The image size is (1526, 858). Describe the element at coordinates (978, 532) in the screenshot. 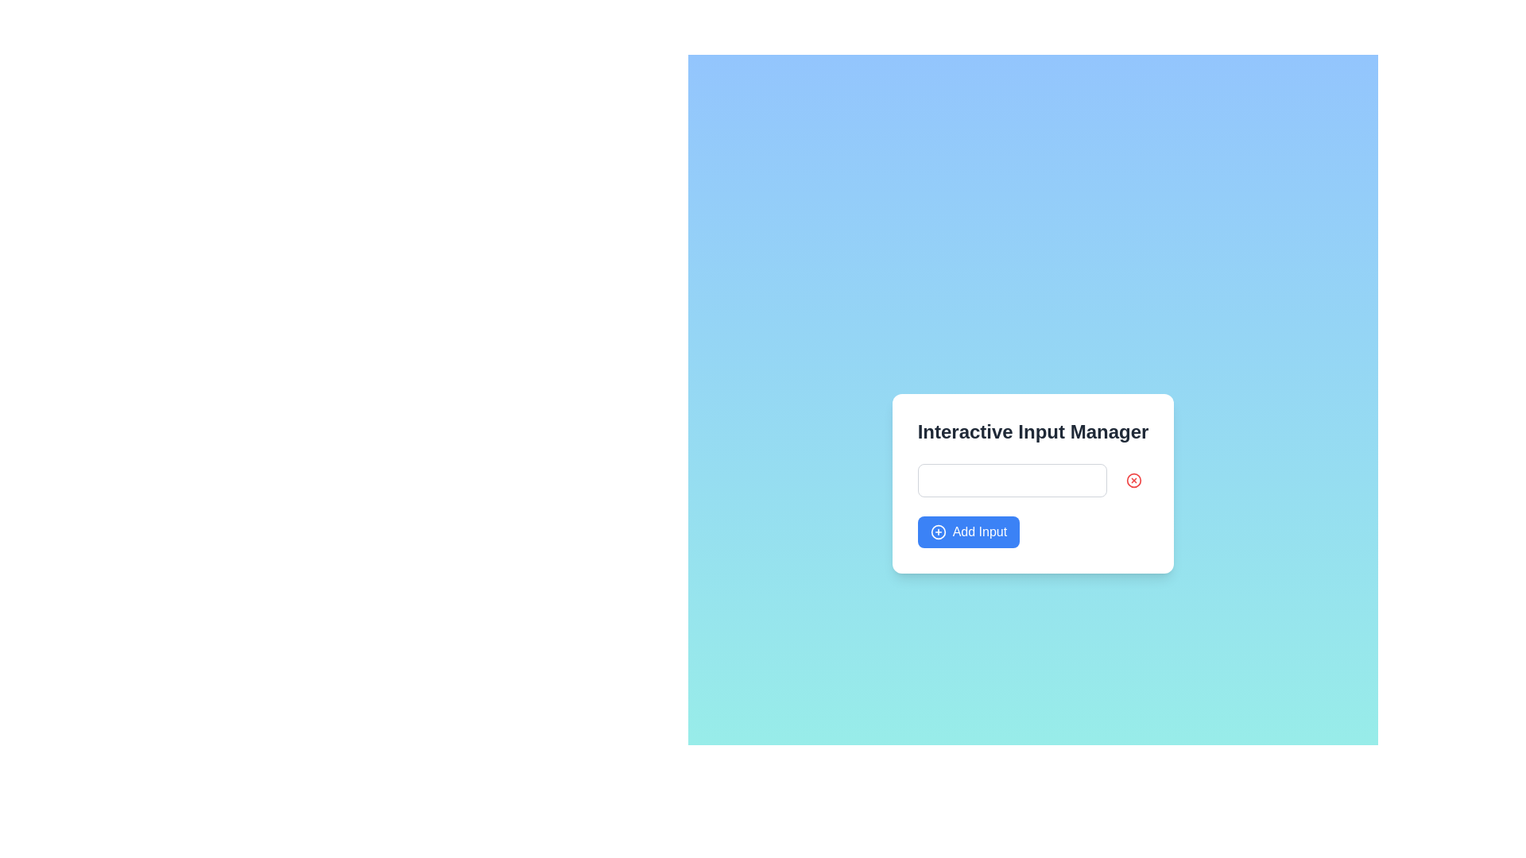

I see `text label 'Add Input' which is styled with a sans-serif font and white text on a blue background, located within a button at the bottom left of a card in the main interface` at that location.